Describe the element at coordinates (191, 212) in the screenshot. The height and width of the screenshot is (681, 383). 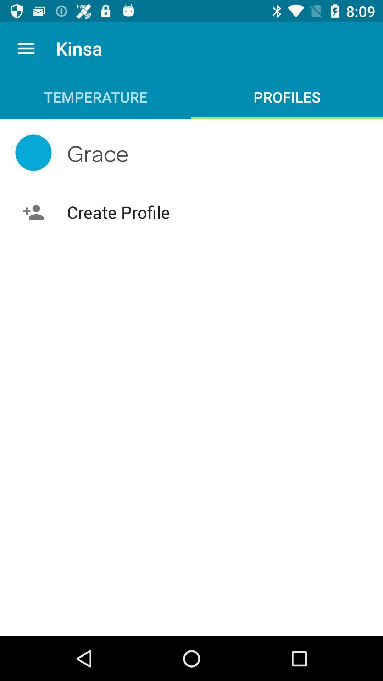
I see `the create profile` at that location.